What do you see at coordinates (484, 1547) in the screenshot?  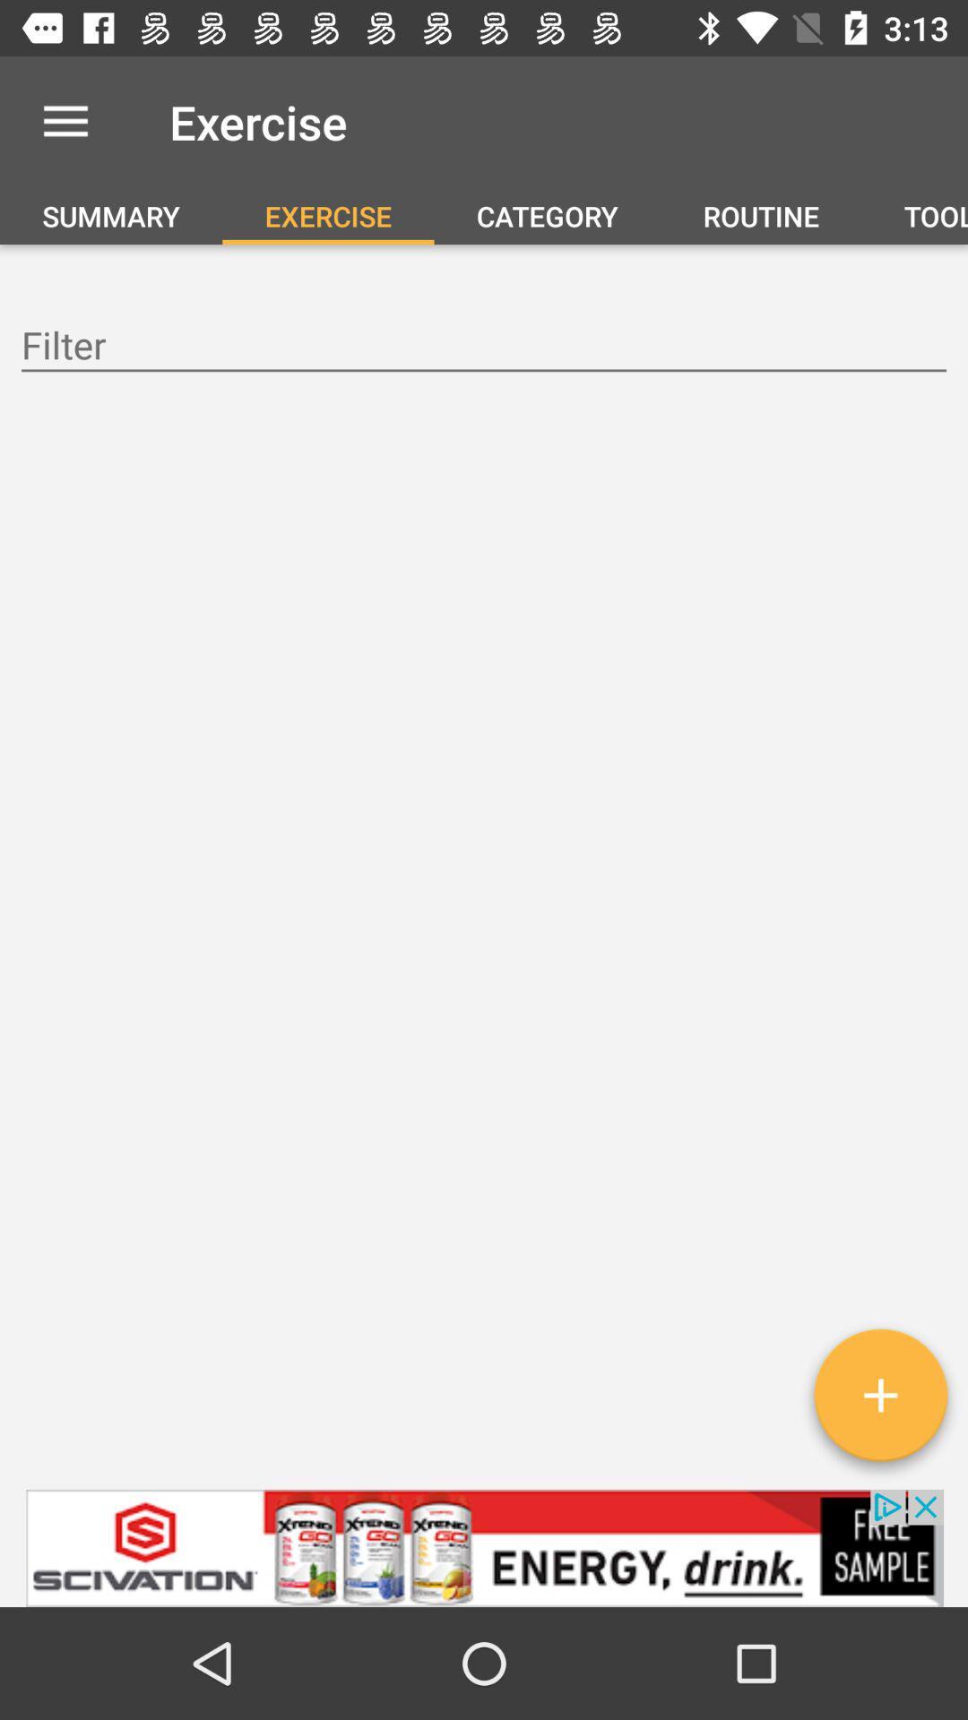 I see `this advertisement` at bounding box center [484, 1547].